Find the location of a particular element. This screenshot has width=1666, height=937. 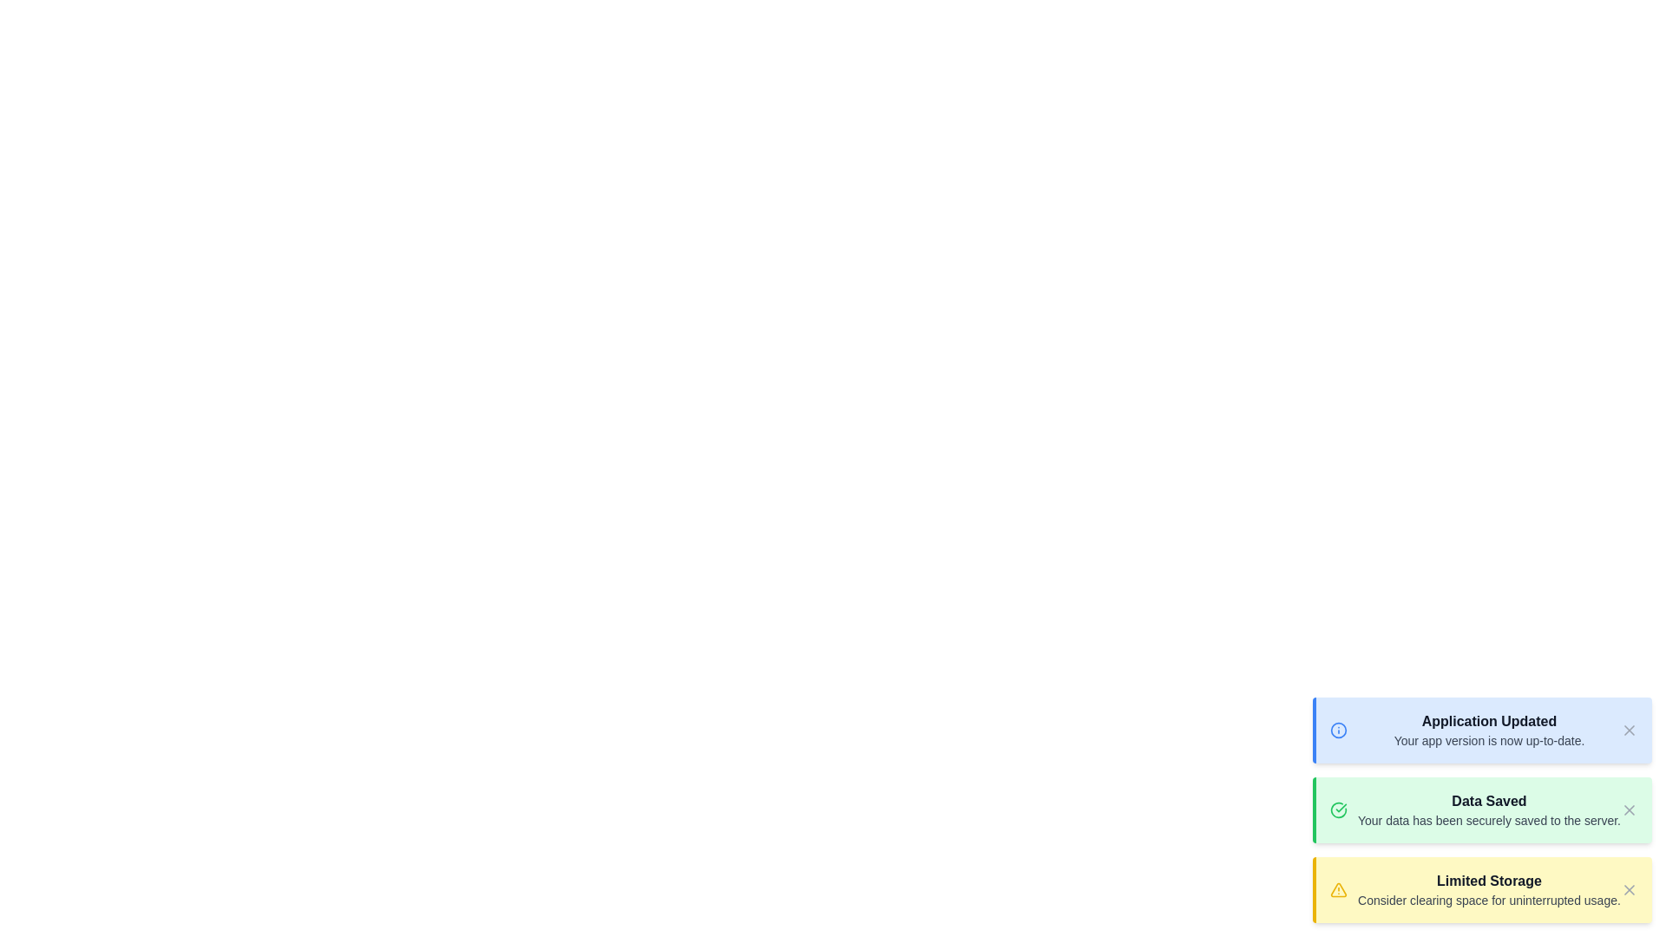

the close button of the notification with the title Limited Storage is located at coordinates (1628, 890).